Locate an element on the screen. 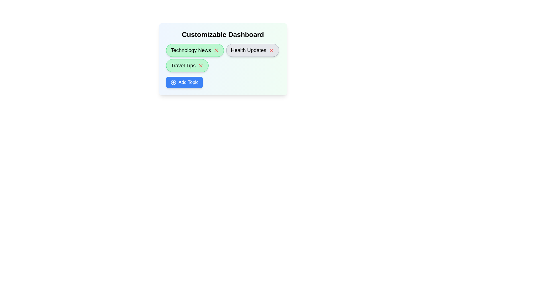 Image resolution: width=547 pixels, height=307 pixels. the topic named Health Updates is located at coordinates (252, 50).